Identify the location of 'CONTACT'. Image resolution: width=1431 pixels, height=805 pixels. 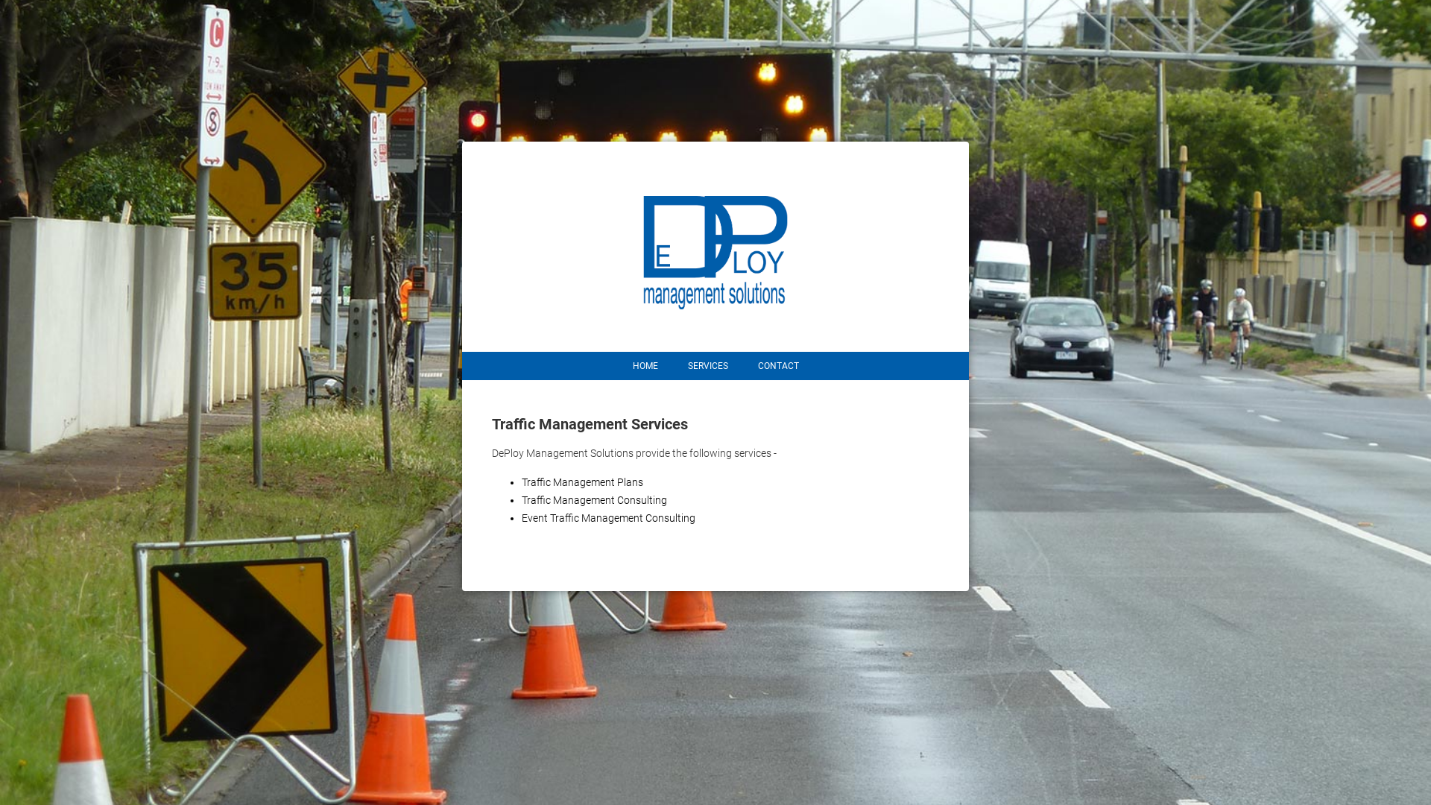
(777, 365).